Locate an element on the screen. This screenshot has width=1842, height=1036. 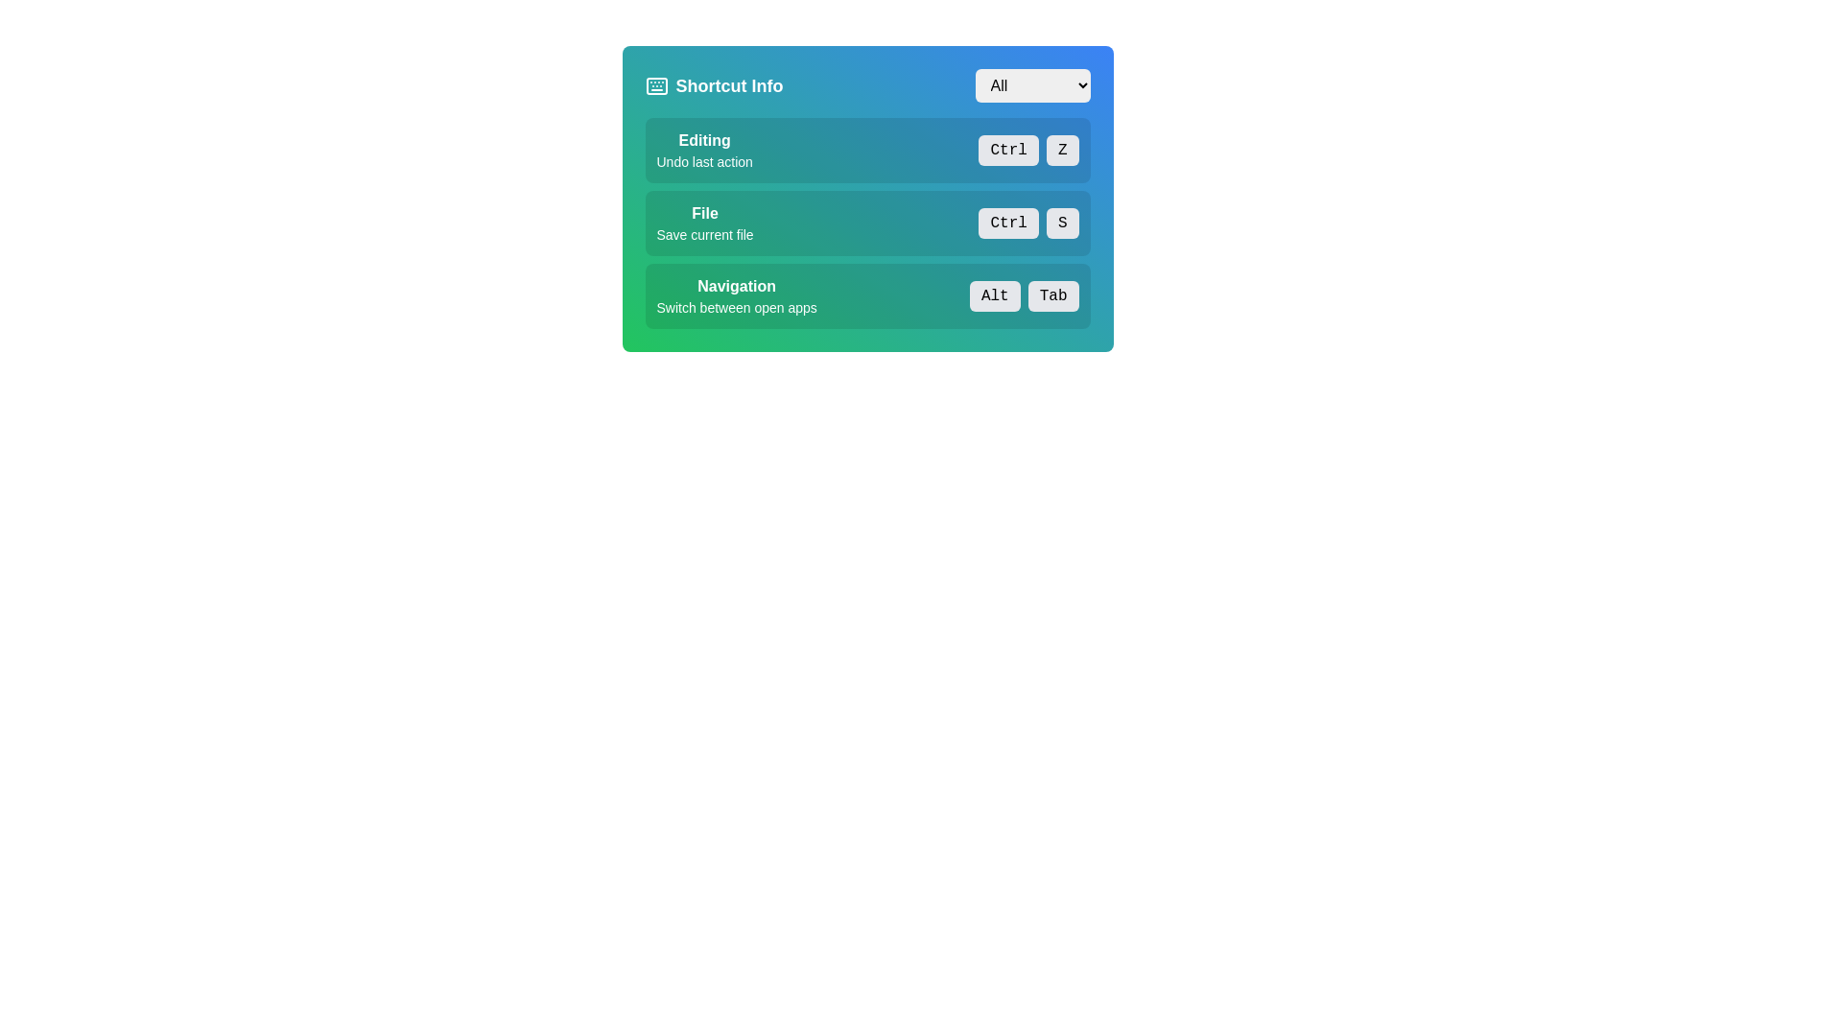
the Information block that describes the 'Ctrl + Z' keyboard shortcut for 'Undo last action' located near the top of the list is located at coordinates (866, 150).